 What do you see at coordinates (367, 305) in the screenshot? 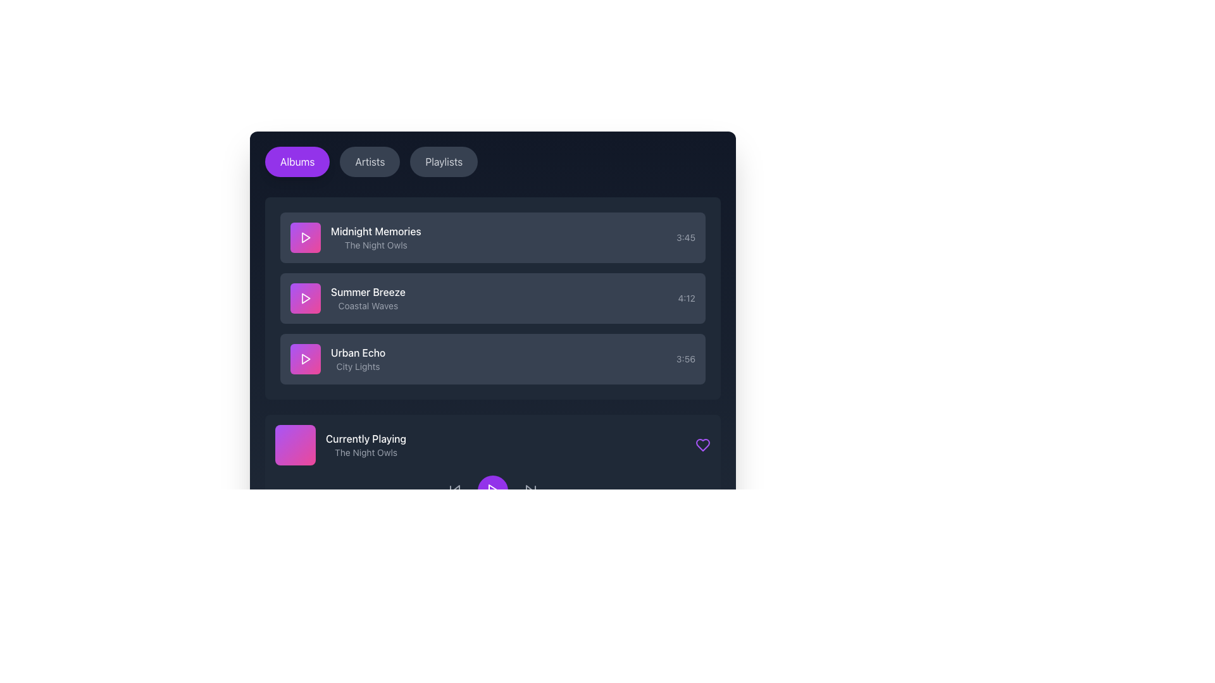
I see `text label 'Coastal Waves' located below 'Summer Breeze' in the second song entry` at bounding box center [367, 305].